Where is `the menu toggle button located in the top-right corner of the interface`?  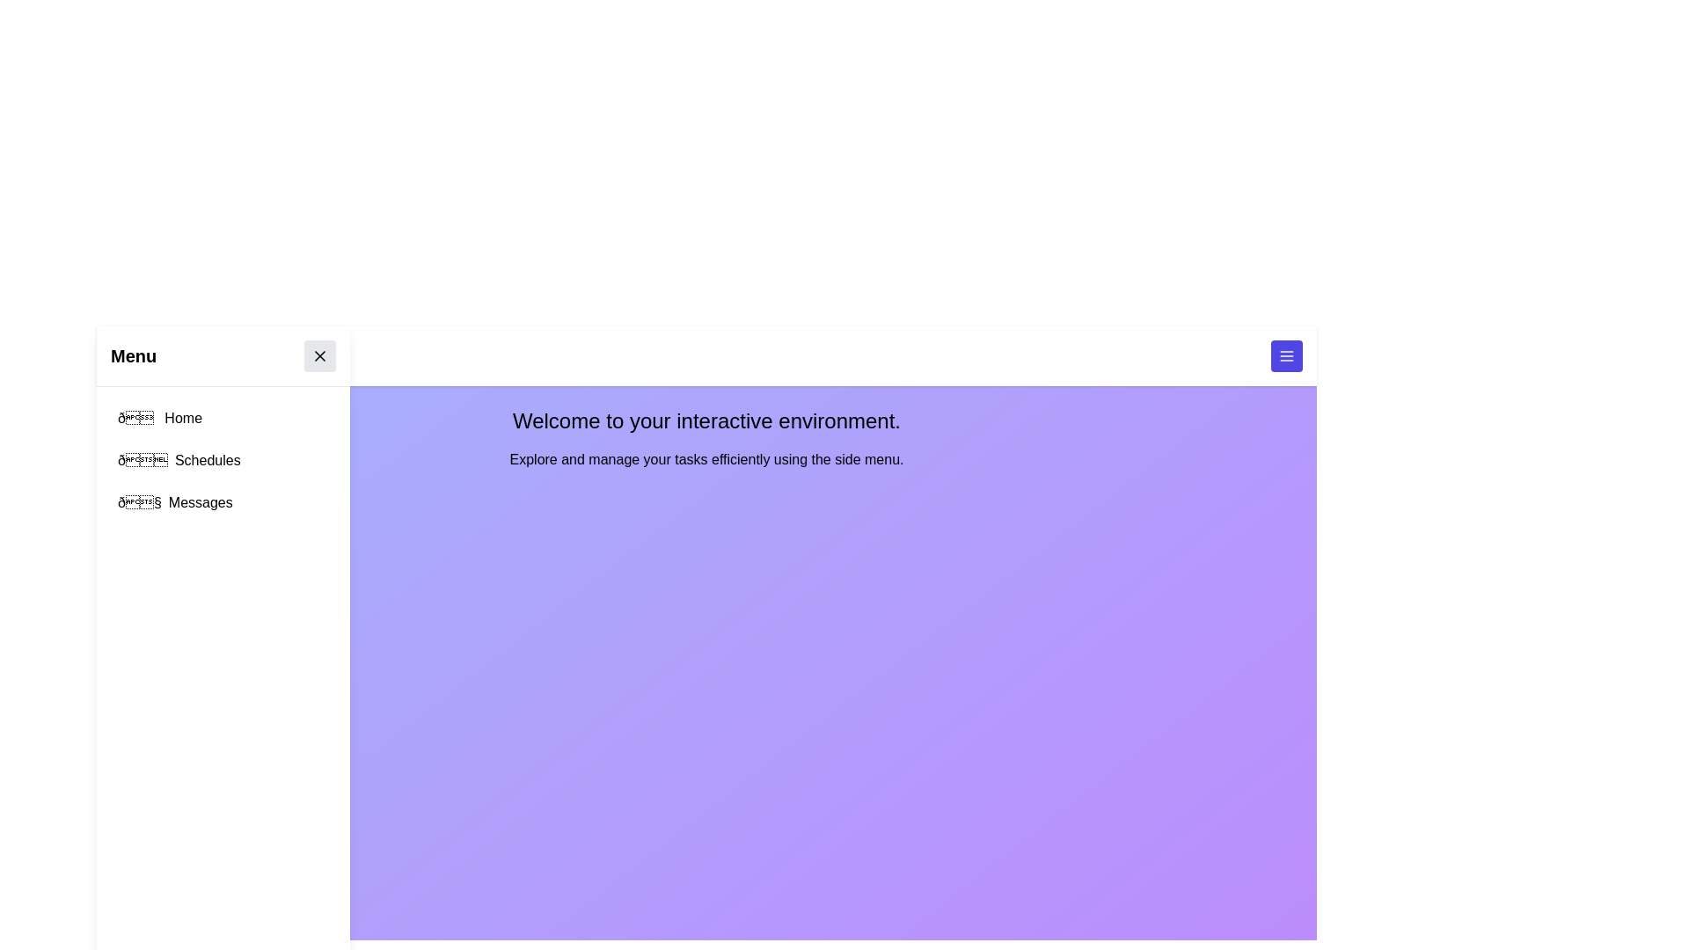
the menu toggle button located in the top-right corner of the interface is located at coordinates (1287, 356).